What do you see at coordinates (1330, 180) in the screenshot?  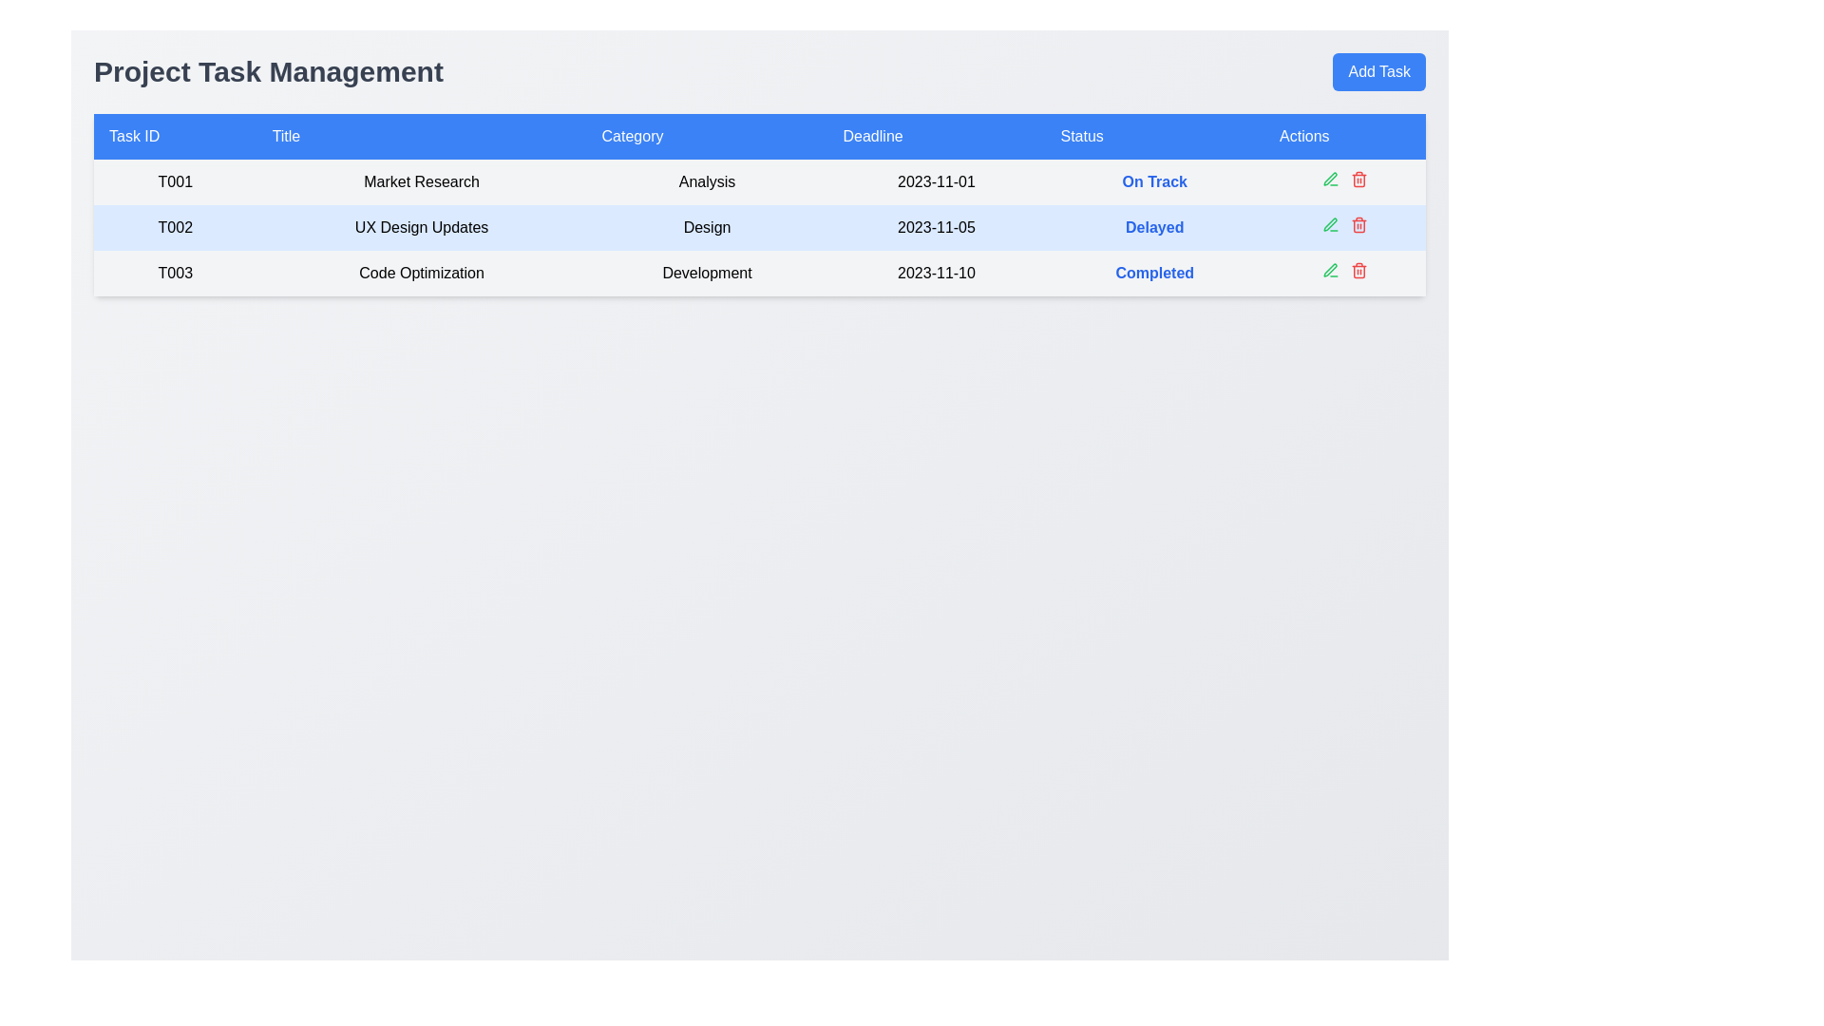 I see `the green pen icon in the 'Actions' column for the task 'UX Design Updates'` at bounding box center [1330, 180].